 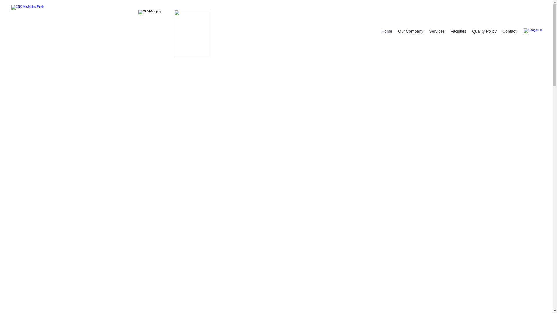 What do you see at coordinates (447, 31) in the screenshot?
I see `'Facilities'` at bounding box center [447, 31].